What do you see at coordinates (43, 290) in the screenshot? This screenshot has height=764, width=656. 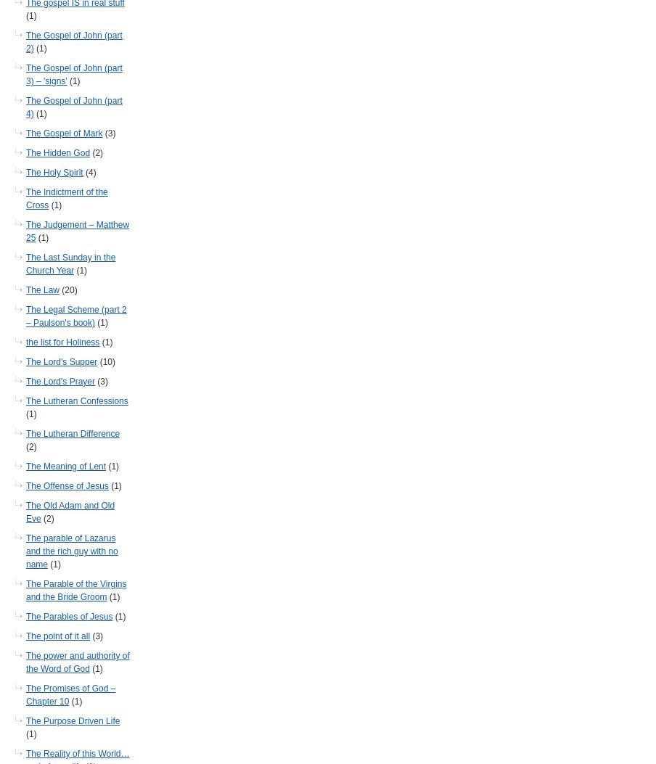 I see `'The Law'` at bounding box center [43, 290].